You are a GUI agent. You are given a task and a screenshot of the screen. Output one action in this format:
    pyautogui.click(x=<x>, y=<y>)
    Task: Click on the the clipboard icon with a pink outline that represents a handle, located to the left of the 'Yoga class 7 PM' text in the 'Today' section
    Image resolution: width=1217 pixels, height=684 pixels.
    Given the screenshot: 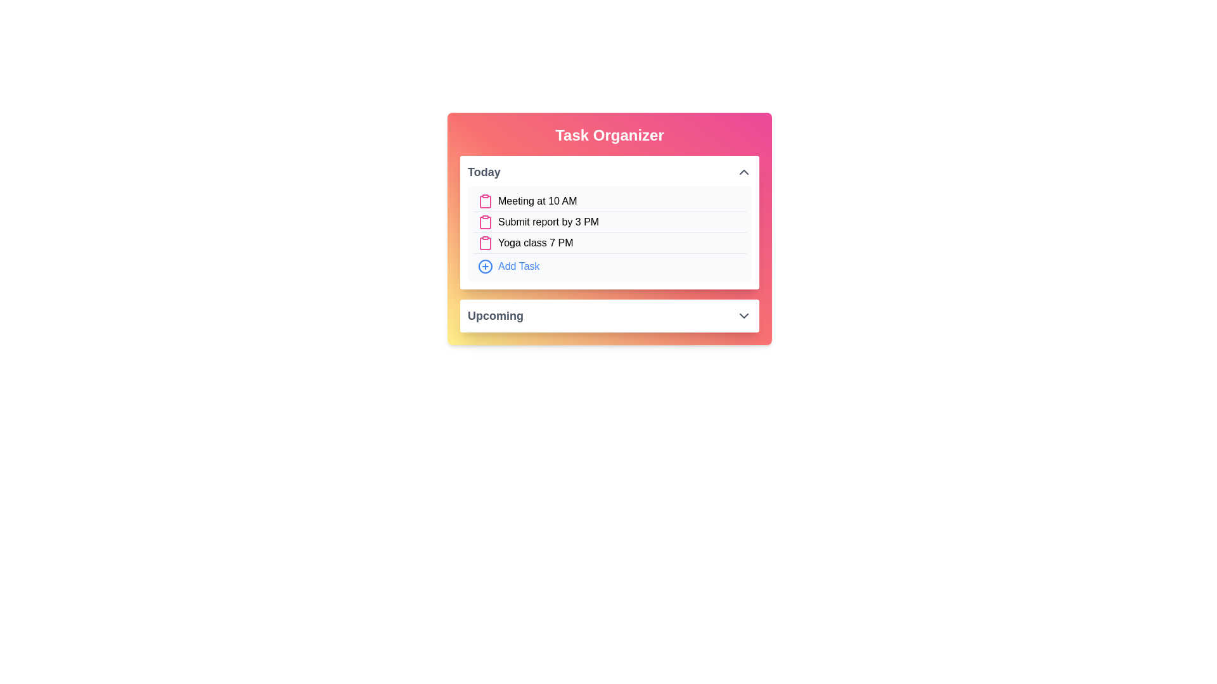 What is the action you would take?
    pyautogui.click(x=485, y=243)
    